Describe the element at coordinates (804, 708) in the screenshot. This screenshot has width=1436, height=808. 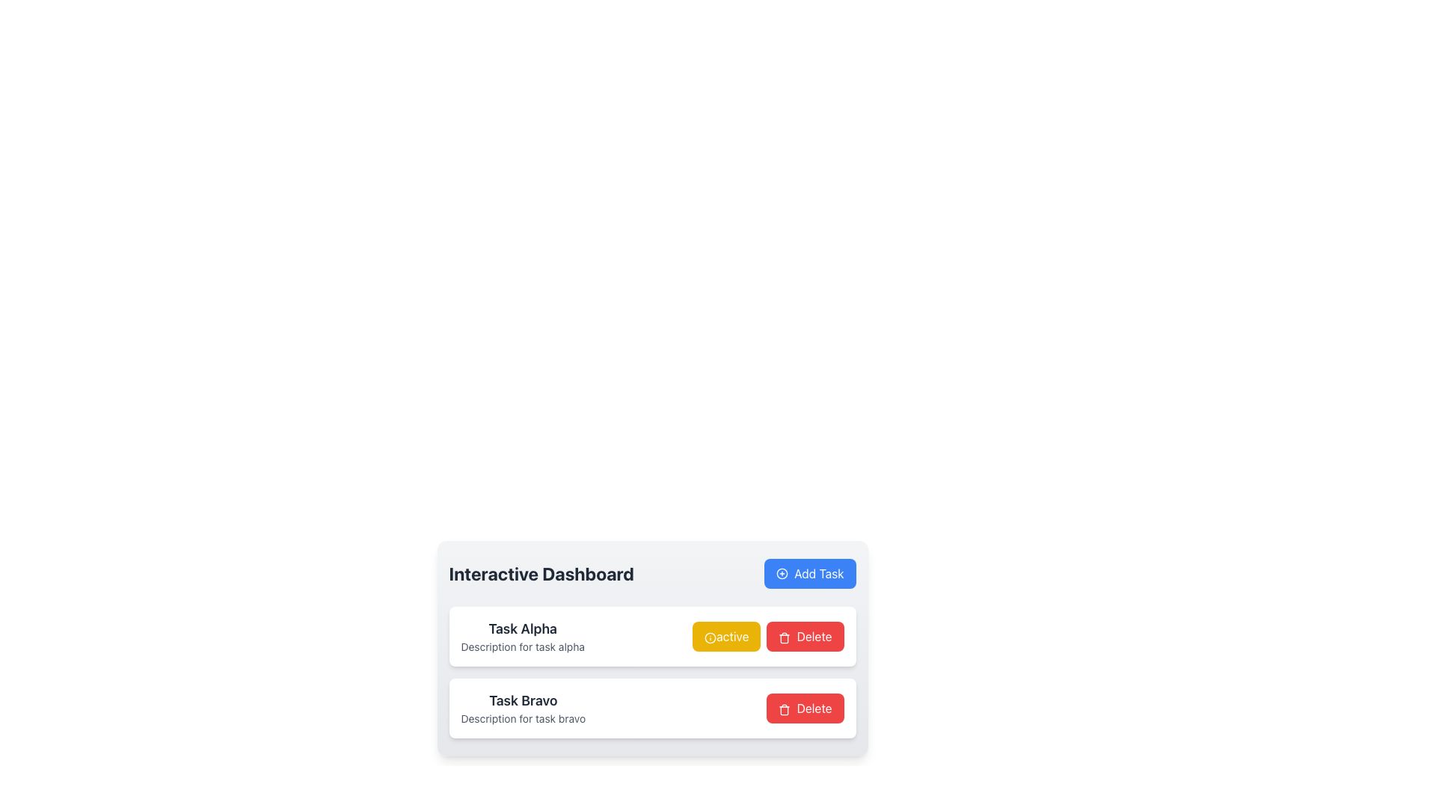
I see `the 'Delete' button with a red background and white text, located at the right side of the 'Task Bravo' row in the dashboard to observe interactive effects` at that location.